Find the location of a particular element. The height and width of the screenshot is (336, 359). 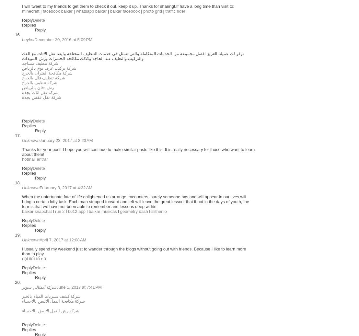

'When the unfortunate fate of life enlightened us arrange encounters, surely someone has and will appear in our lives will bring a certain lofty task. Each man stepped forward and left will leave the great lesson, that if not in the days of youth, the fear is that we have not been able to remember and lessons deep within.' is located at coordinates (22, 202).